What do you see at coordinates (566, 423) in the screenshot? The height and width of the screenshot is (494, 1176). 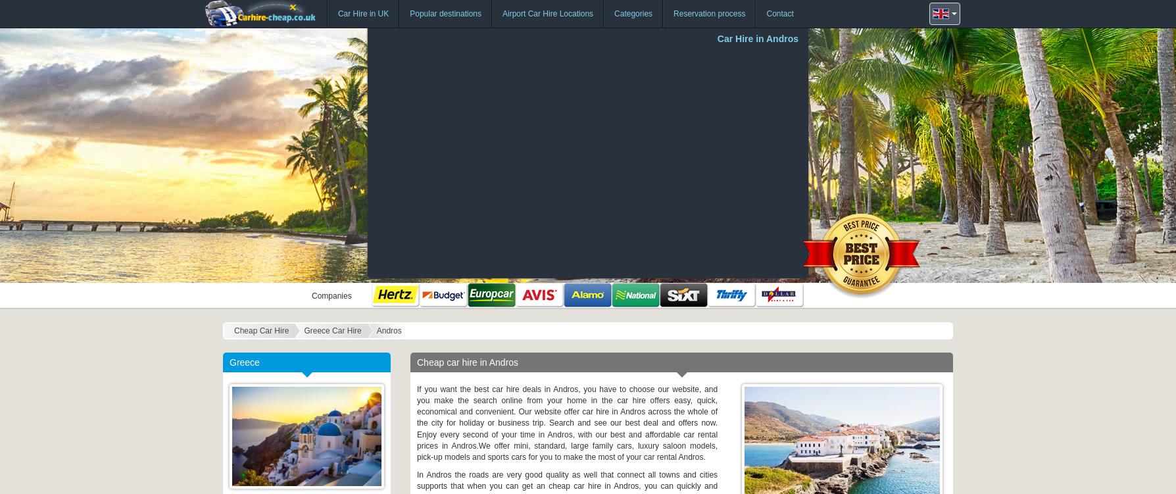 I see `'If you want the best car hire deals in Andros, you have to choose our website, and you make the search online from your home in the car hire offers easy, quick, economical and convenient. Our website offer car hire in Andros across the whole of the city for holiday or business trip. Search and see our best deal and offers now. Enjoy every second of your time in Andros, with our best and affordable car rental prices in Andros.We offer mini, standard, large family cars, luxury saloon models, pick-up models and sports cars for you to make the most of your car rental Andros.'` at bounding box center [566, 423].